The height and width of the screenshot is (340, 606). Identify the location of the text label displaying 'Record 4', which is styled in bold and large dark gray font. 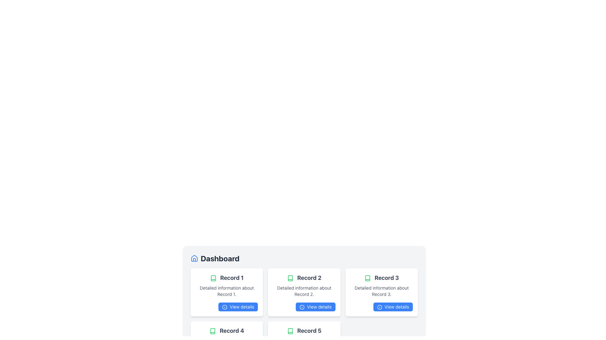
(227, 330).